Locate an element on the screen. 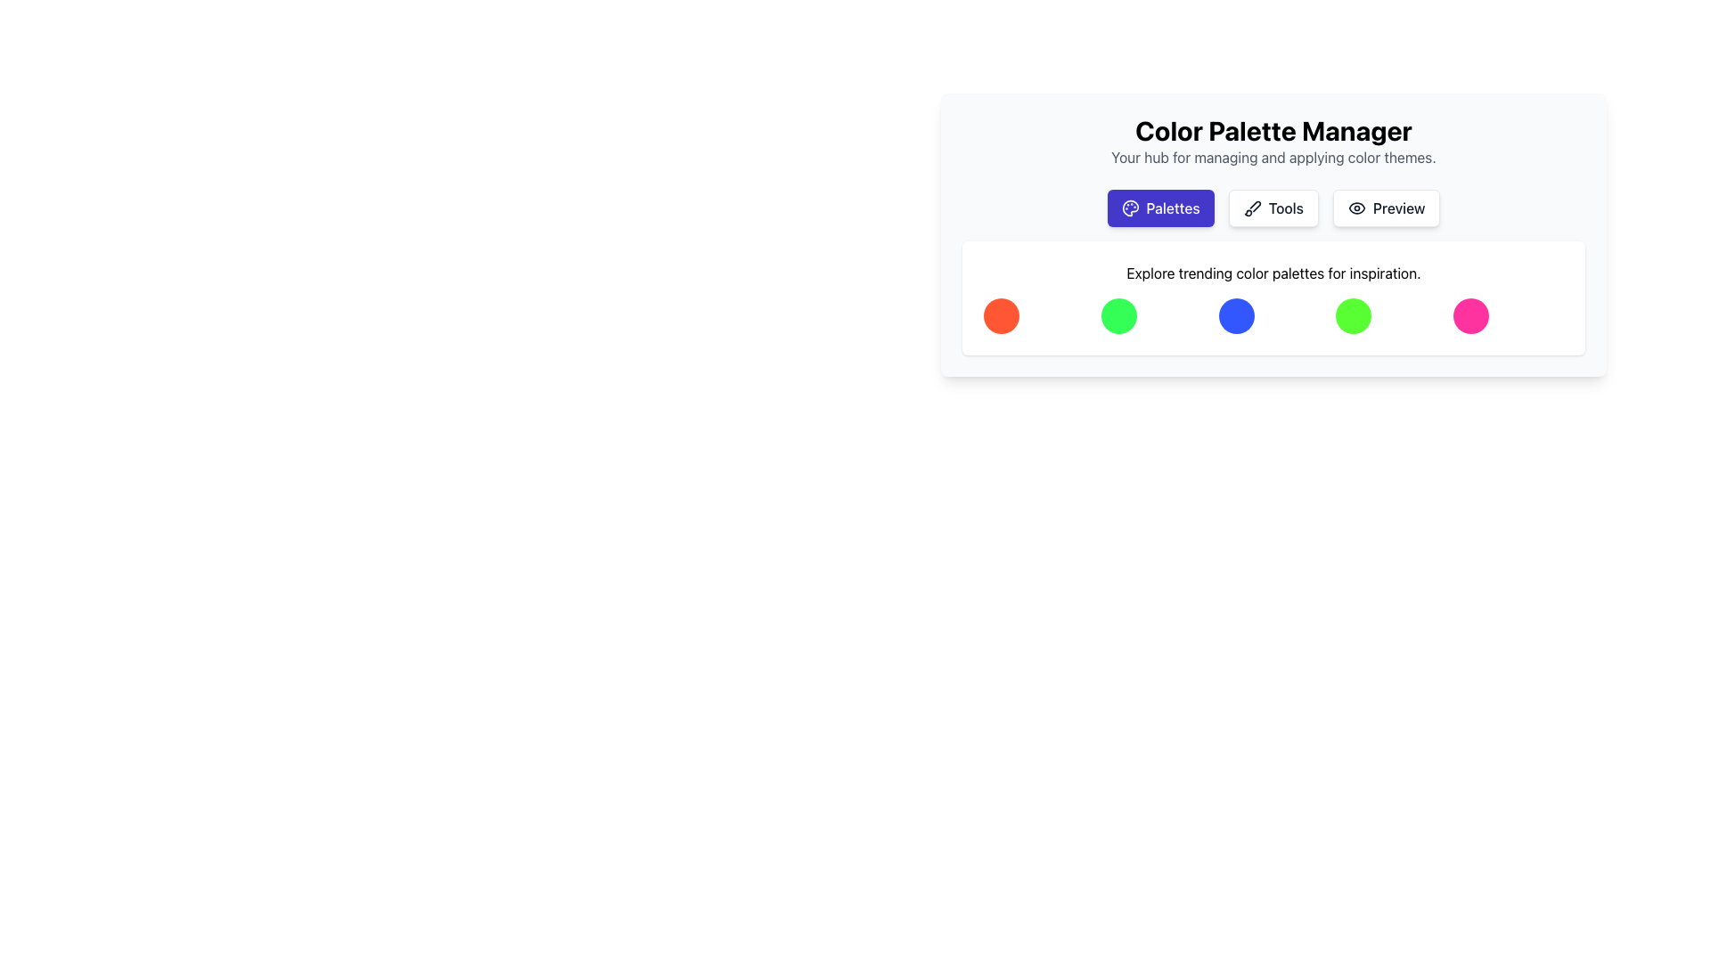  the 'Palettes' button, which is styled with a purple background and white text, located below the 'Color Palette Manager' heading and to the left of the 'Tools' button is located at coordinates (1160, 208).